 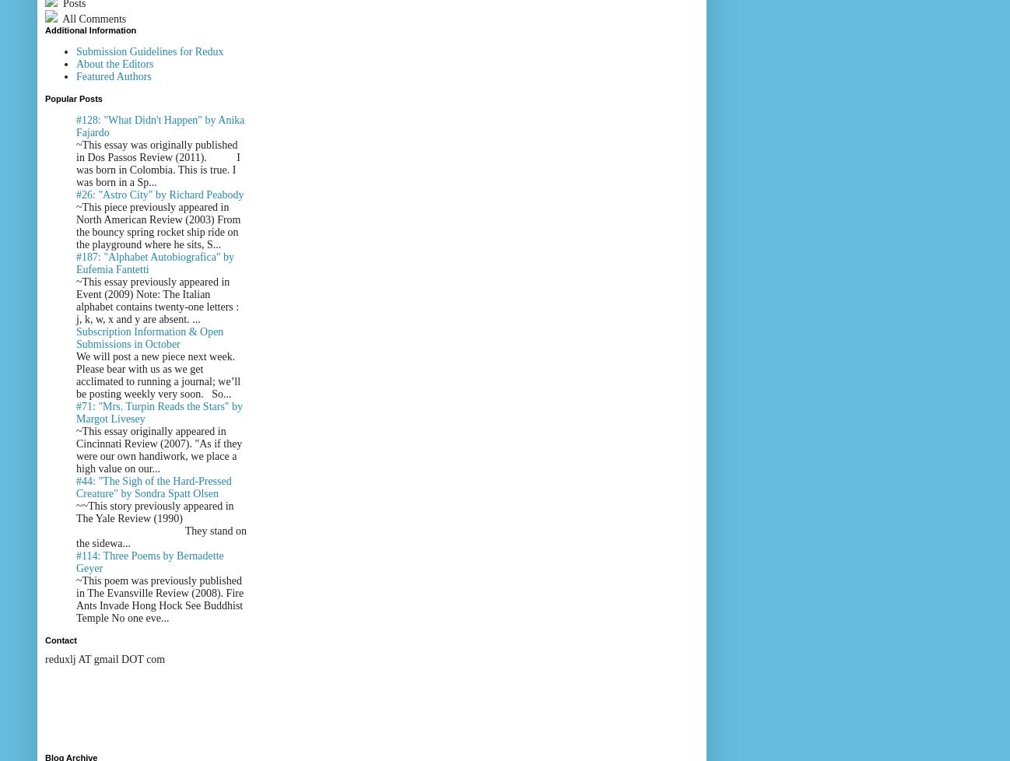 What do you see at coordinates (75, 64) in the screenshot?
I see `'About the Editors'` at bounding box center [75, 64].